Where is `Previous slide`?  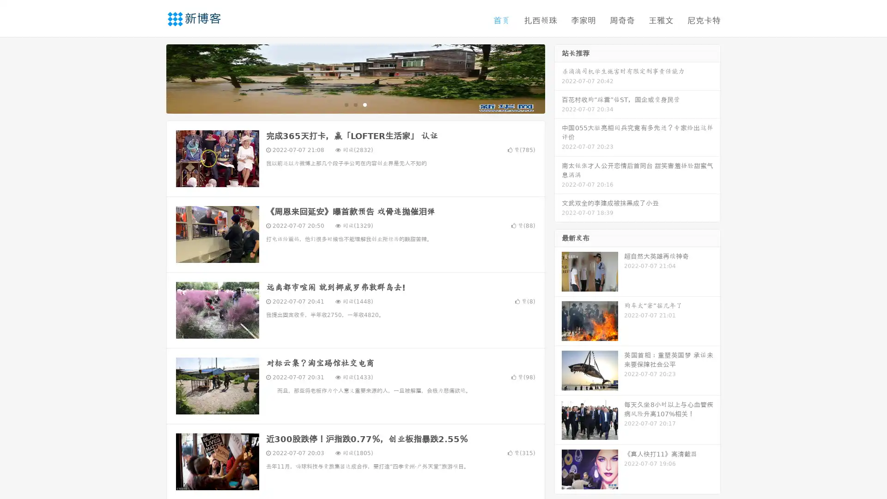
Previous slide is located at coordinates (152, 78).